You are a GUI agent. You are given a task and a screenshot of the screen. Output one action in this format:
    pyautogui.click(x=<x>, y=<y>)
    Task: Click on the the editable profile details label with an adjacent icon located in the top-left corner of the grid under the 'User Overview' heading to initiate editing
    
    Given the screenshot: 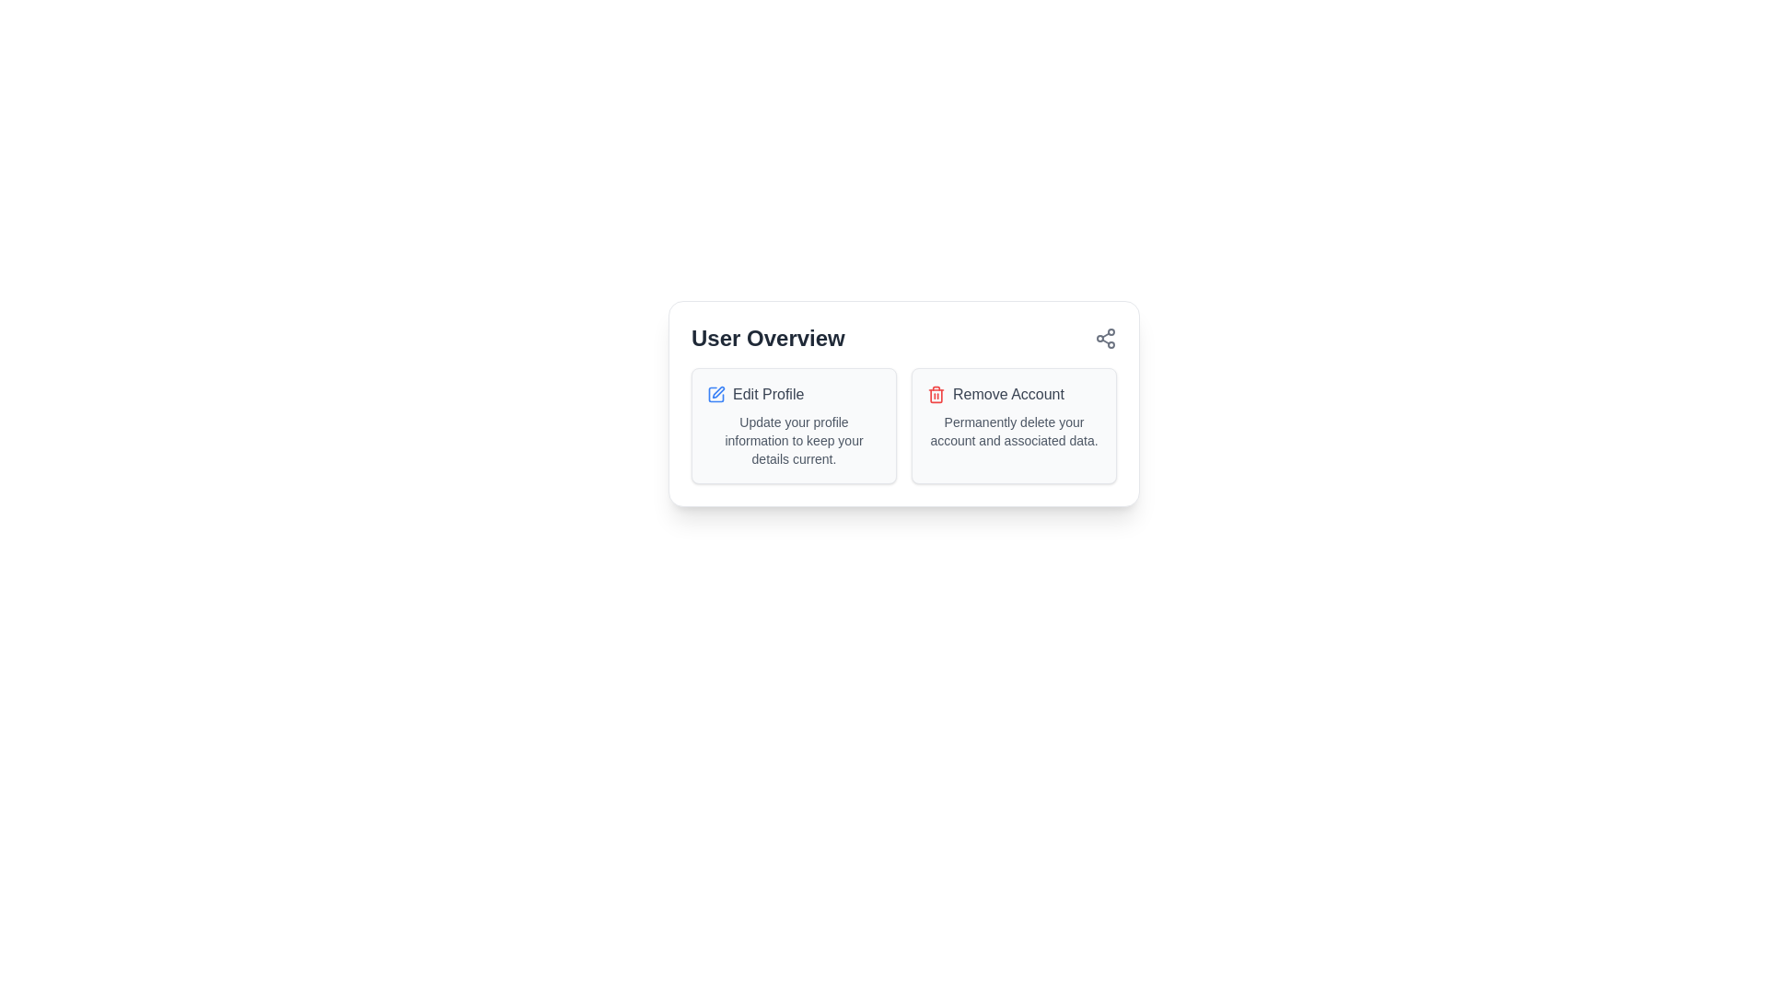 What is the action you would take?
    pyautogui.click(x=794, y=393)
    